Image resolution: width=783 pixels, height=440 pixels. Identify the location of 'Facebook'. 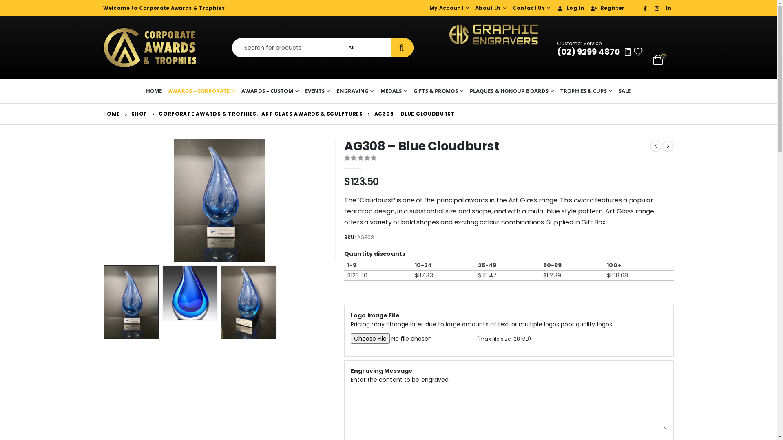
(645, 8).